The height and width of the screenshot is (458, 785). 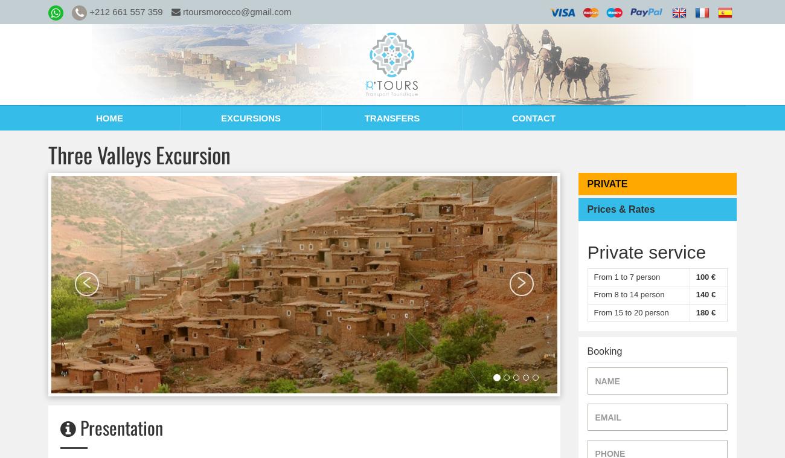 I want to click on 'Prices & Rates', so click(x=587, y=209).